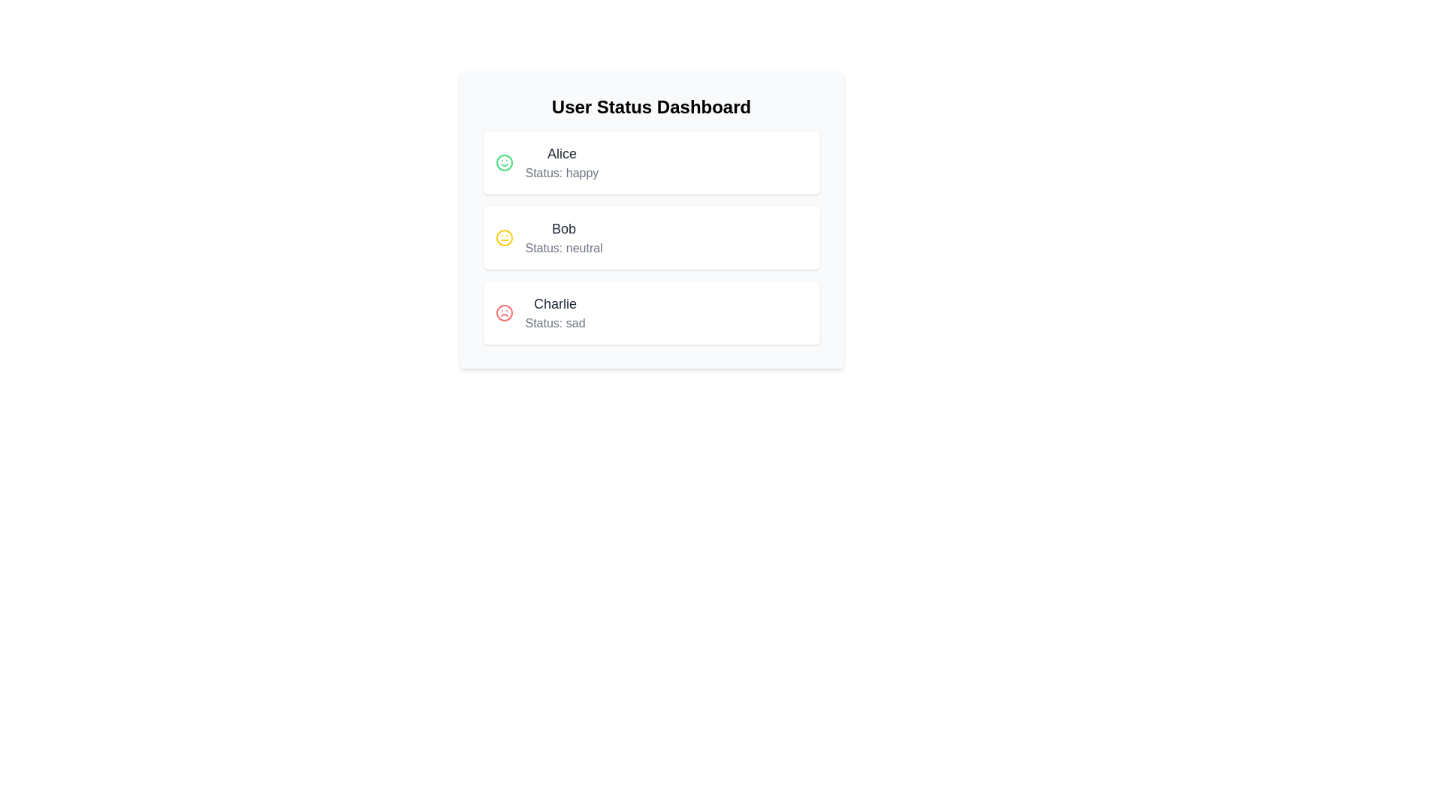  Describe the element at coordinates (651, 312) in the screenshot. I see `the third user status indicator element that displays 'Charlie' with an emotional status of 'sad'` at that location.